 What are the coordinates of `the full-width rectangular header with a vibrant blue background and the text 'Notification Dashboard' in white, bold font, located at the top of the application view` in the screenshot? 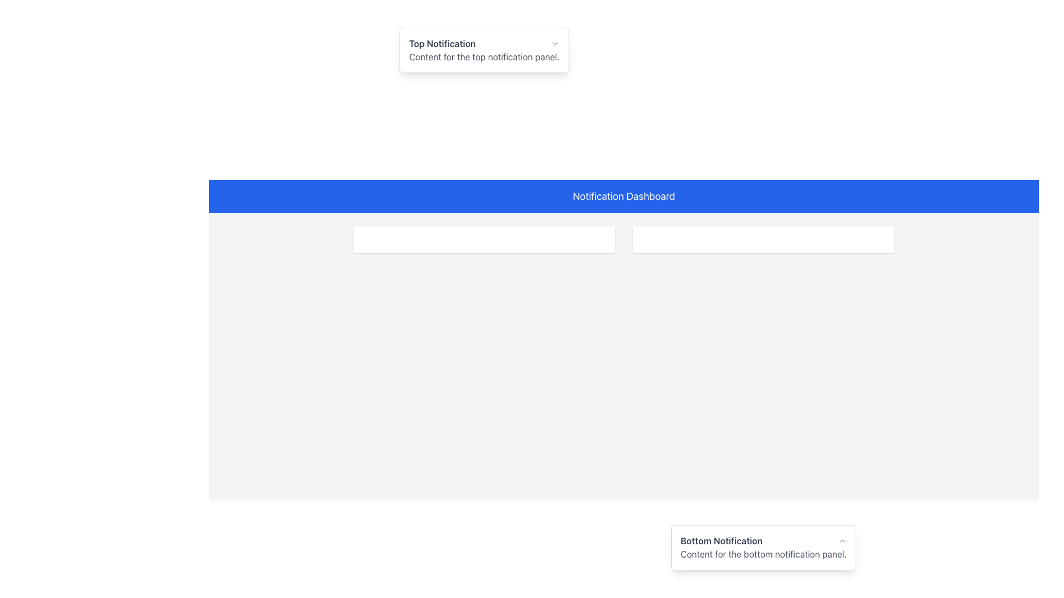 It's located at (624, 195).